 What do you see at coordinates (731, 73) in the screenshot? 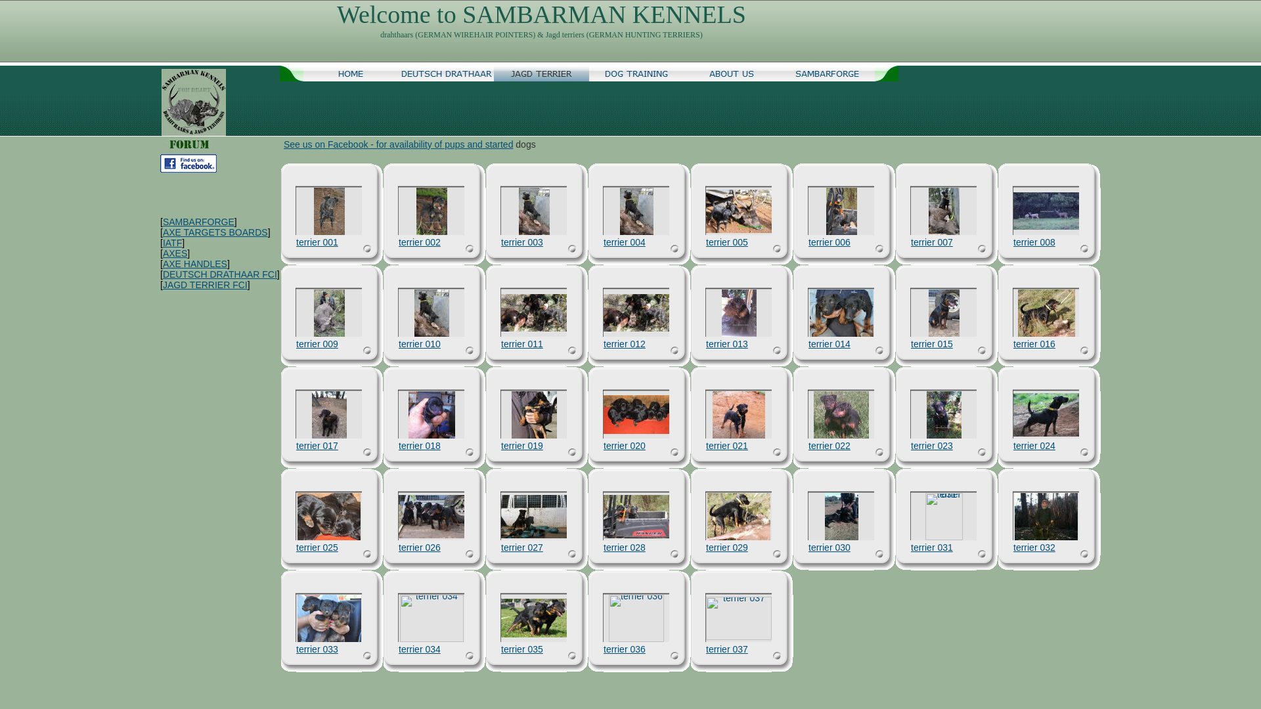
I see `'ABOUT US'` at bounding box center [731, 73].